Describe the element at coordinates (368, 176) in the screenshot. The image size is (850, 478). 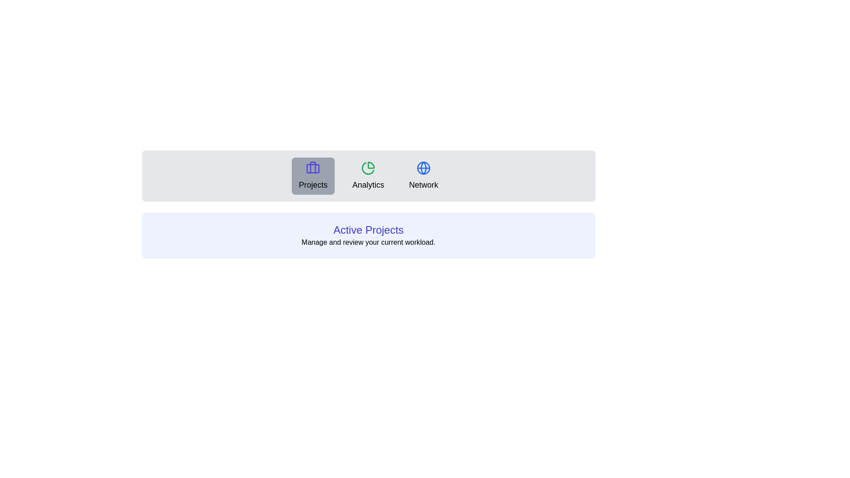
I see `the Analytics tab by clicking on its button` at that location.